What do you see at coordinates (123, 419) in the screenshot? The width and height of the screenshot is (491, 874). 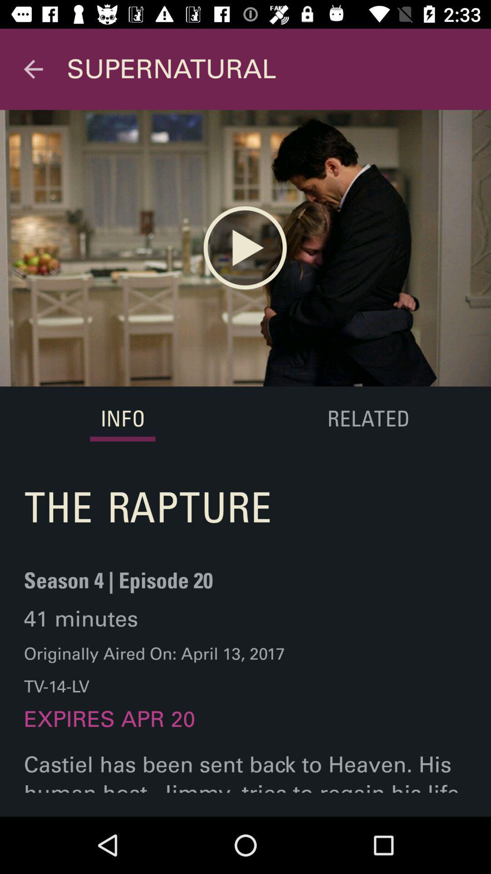 I see `icon next to related icon` at bounding box center [123, 419].